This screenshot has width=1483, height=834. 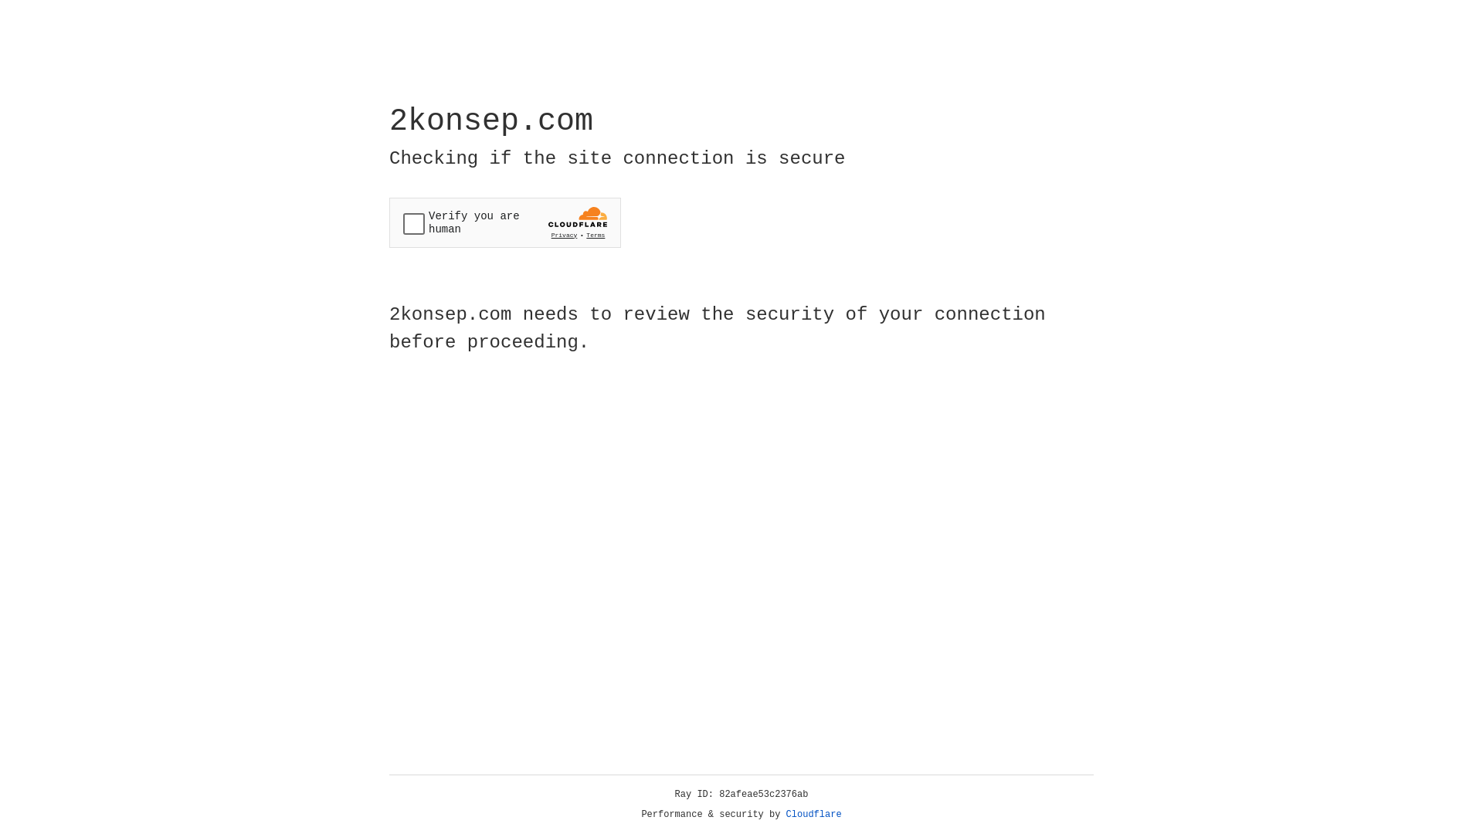 What do you see at coordinates (813, 814) in the screenshot?
I see `'Cloudflare'` at bounding box center [813, 814].